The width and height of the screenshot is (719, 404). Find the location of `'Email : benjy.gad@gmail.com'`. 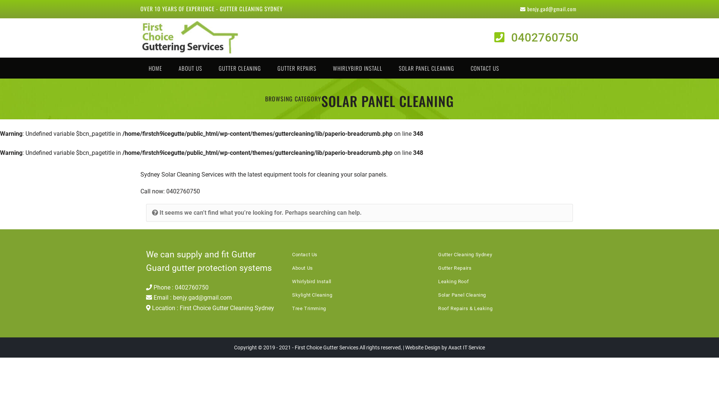

'Email : benjy.gad@gmail.com' is located at coordinates (189, 297).